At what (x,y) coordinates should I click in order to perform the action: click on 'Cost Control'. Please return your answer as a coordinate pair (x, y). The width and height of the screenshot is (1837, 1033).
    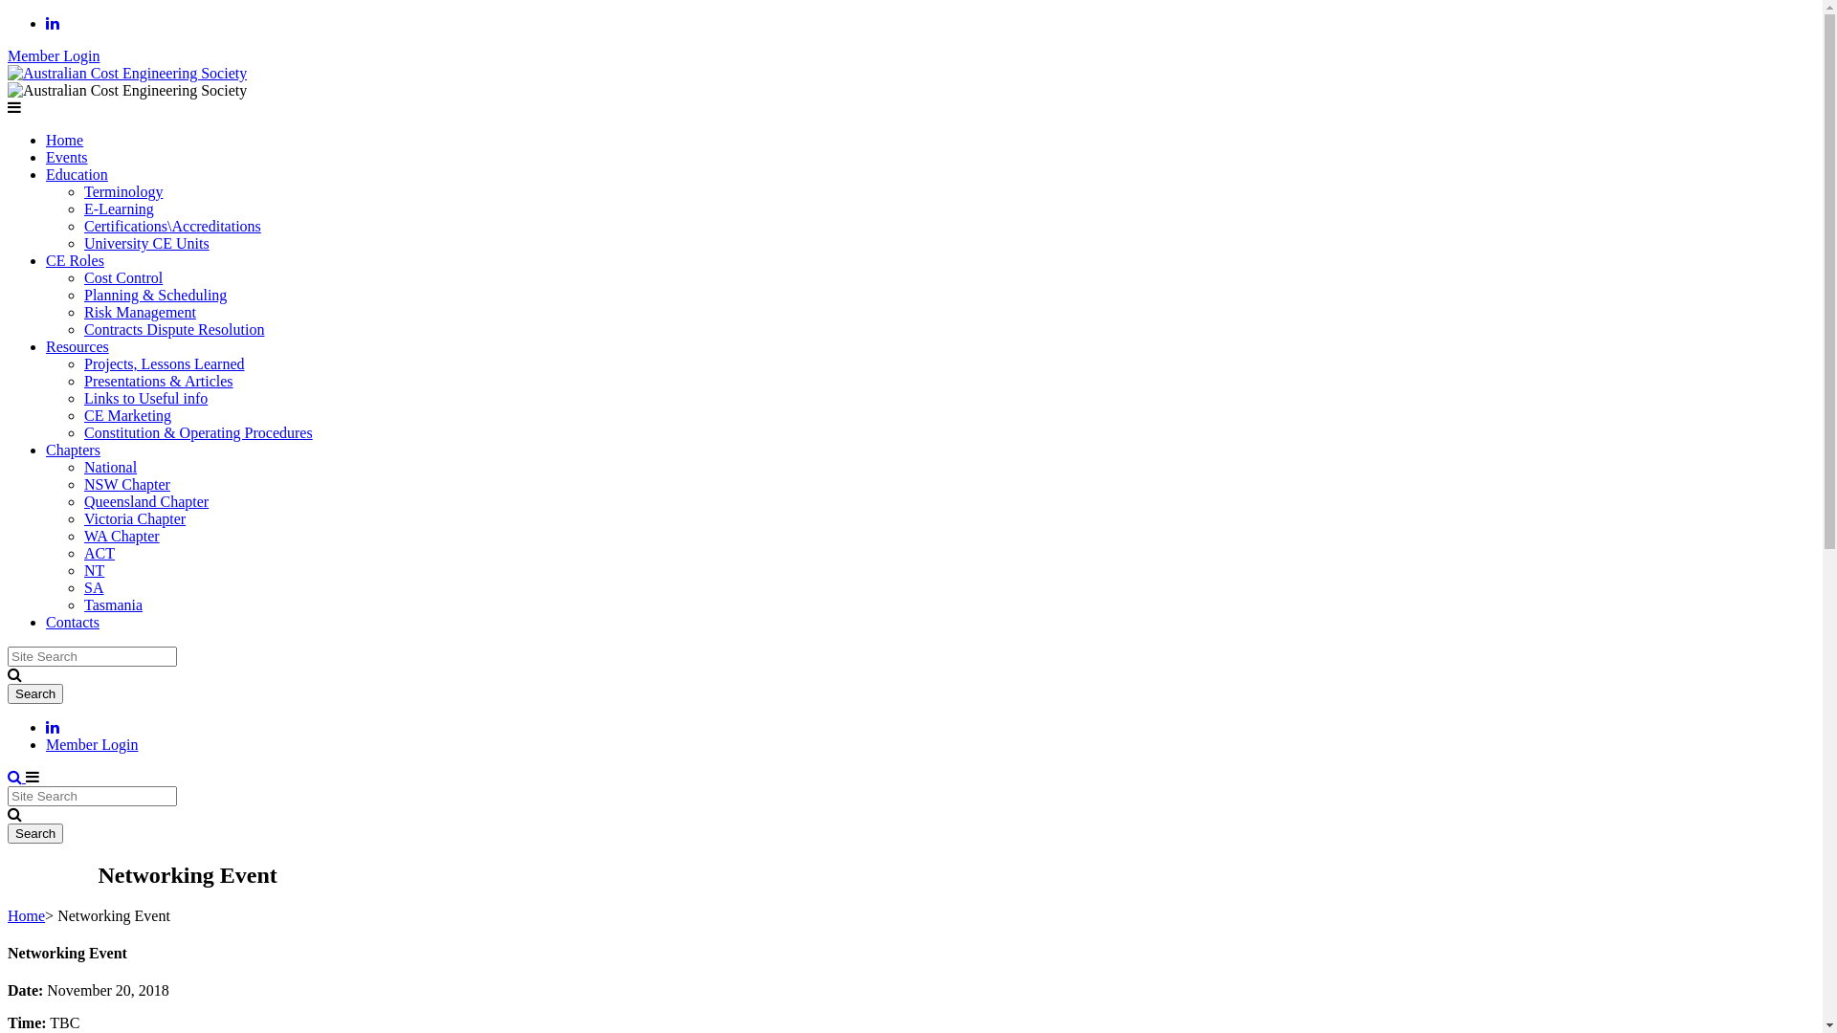
    Looking at the image, I should click on (82, 277).